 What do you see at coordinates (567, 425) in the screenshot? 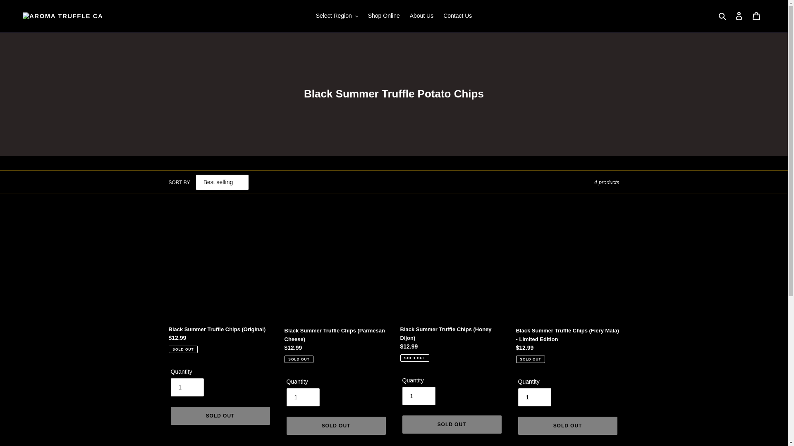
I see `'SOLD OUT'` at bounding box center [567, 425].